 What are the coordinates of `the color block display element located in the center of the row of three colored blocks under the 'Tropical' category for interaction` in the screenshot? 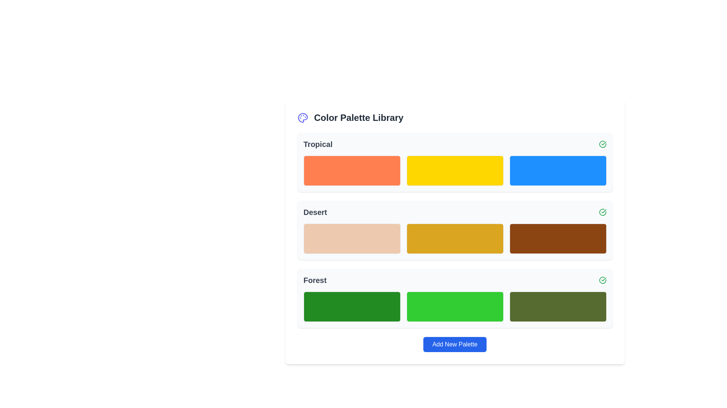 It's located at (454, 170).